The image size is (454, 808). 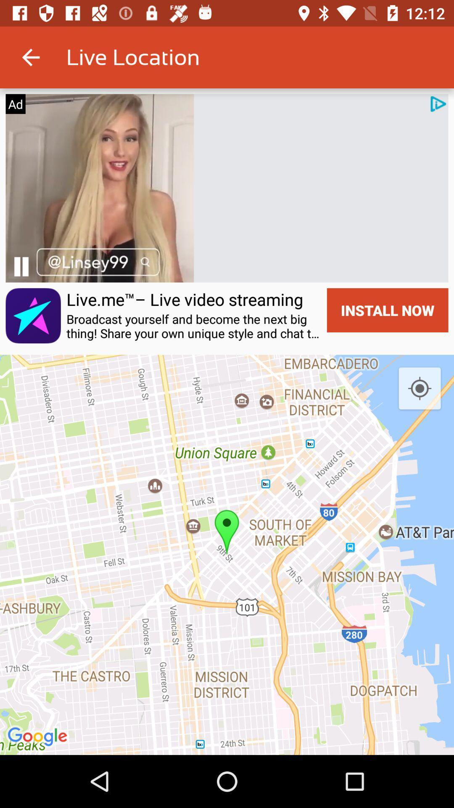 What do you see at coordinates (388, 310) in the screenshot?
I see `item next to the broadcast yourself and item` at bounding box center [388, 310].